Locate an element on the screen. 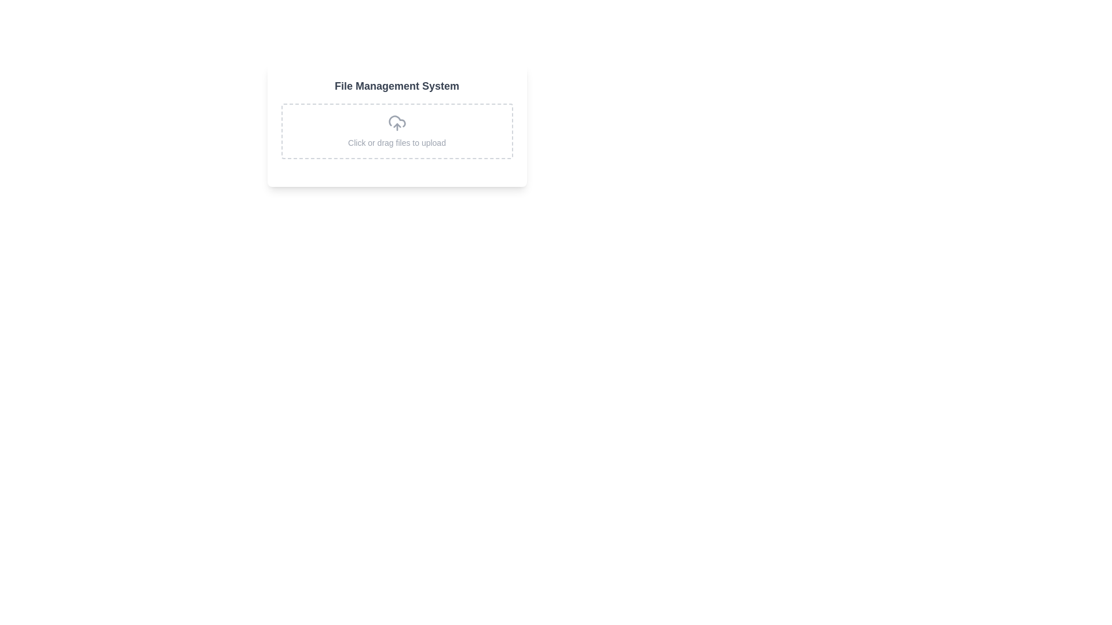  text 'File Management System' displayed prominently as a title at the top of the card layout is located at coordinates (397, 86).